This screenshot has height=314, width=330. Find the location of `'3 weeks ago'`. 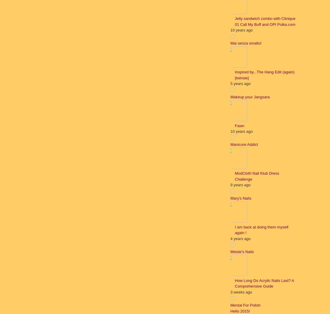

'3 weeks ago' is located at coordinates (230, 292).